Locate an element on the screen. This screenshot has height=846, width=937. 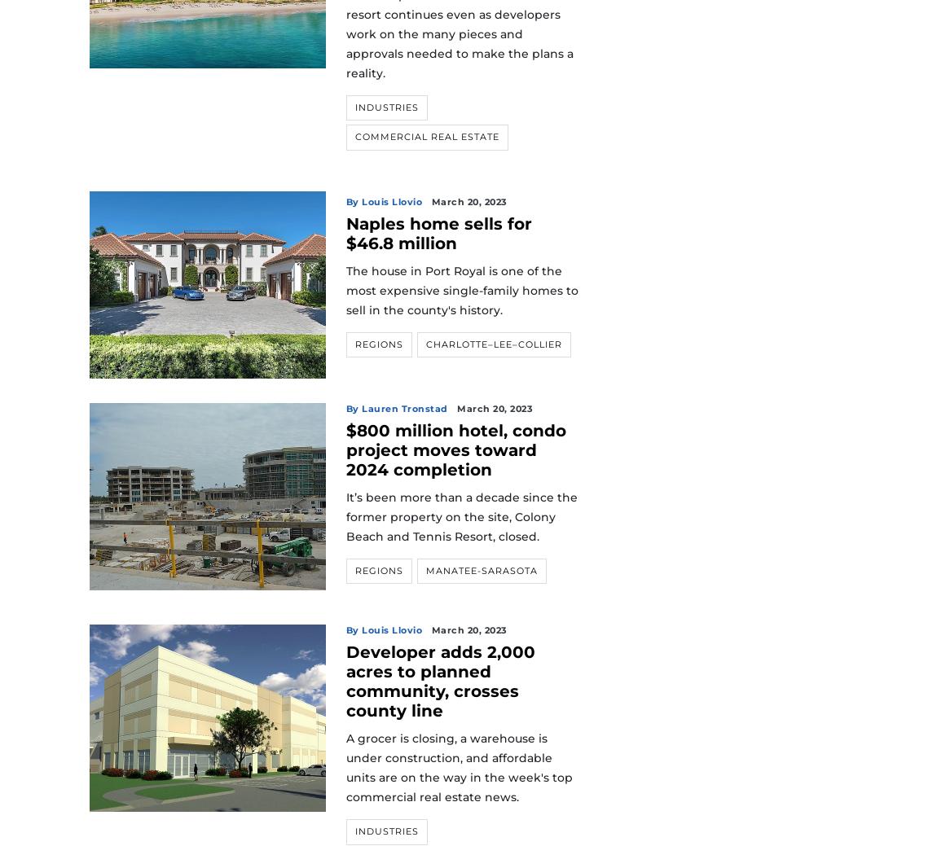
'Commercial Real Estate' is located at coordinates (426, 136).